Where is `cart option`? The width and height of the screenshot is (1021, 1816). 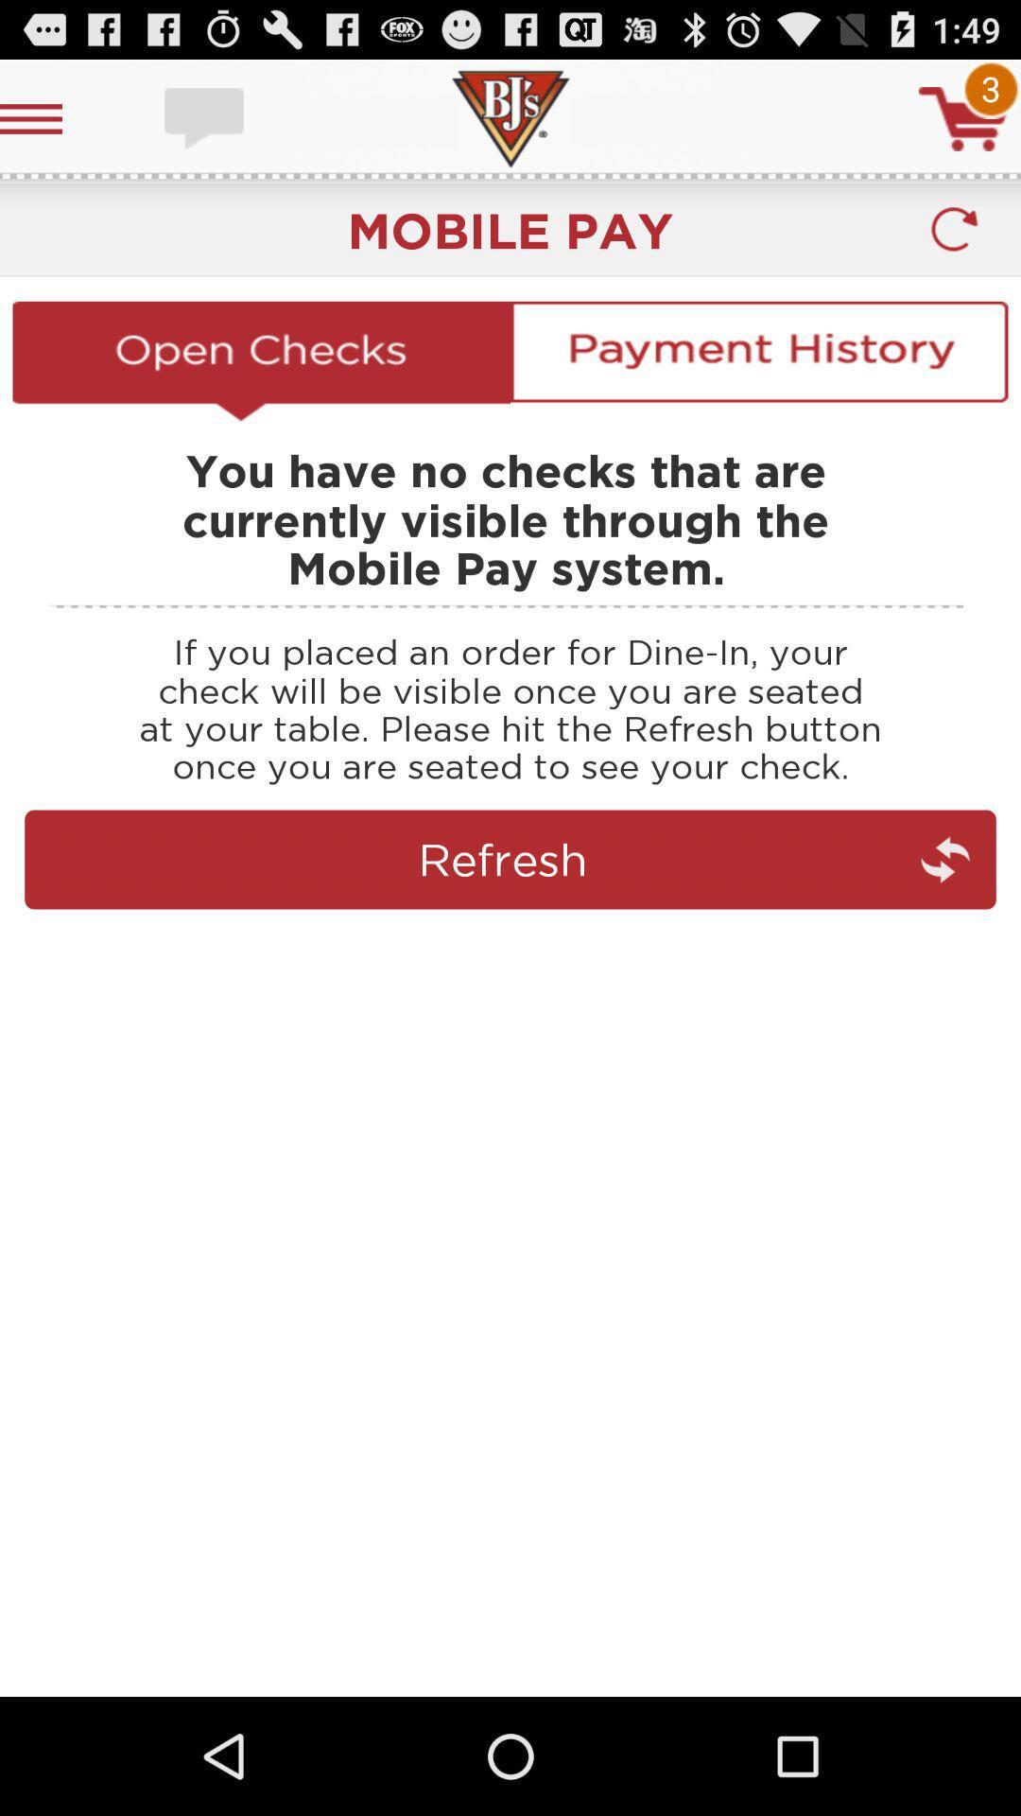 cart option is located at coordinates (963, 117).